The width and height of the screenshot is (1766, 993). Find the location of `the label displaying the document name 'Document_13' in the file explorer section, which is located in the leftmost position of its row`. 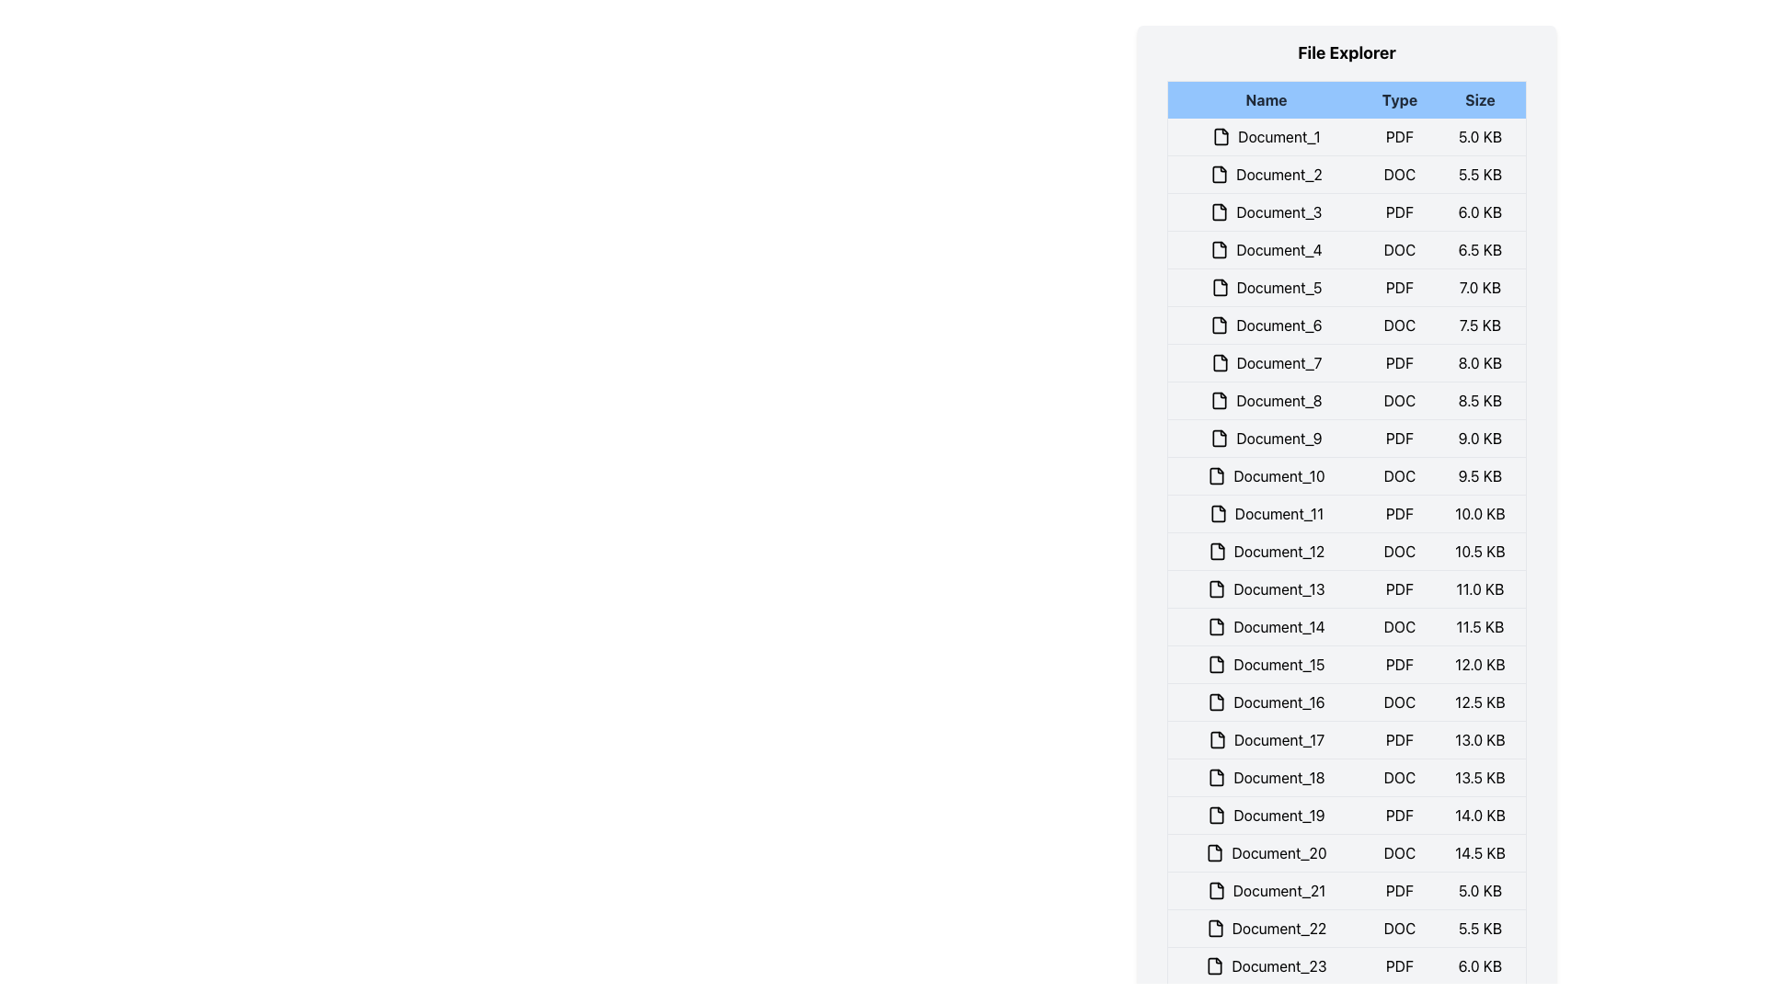

the label displaying the document name 'Document_13' in the file explorer section, which is located in the leftmost position of its row is located at coordinates (1266, 588).